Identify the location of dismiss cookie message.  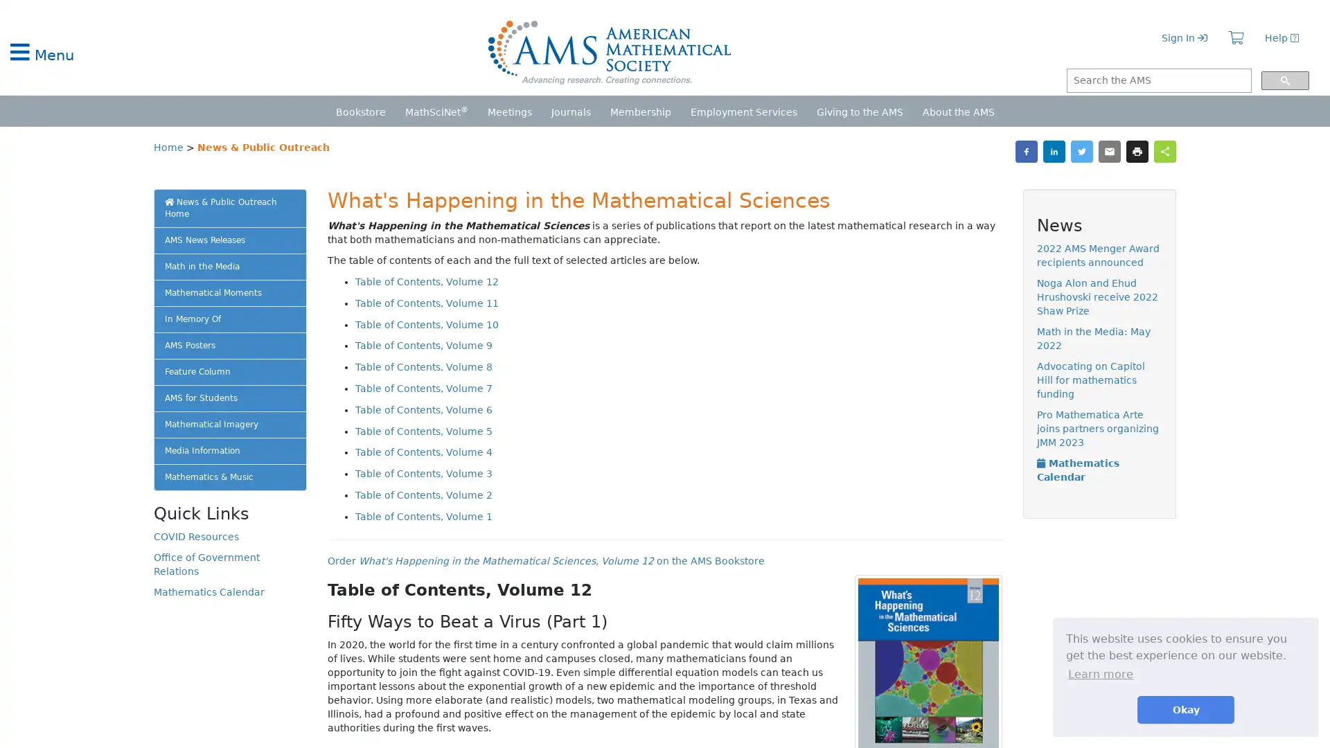
(1185, 709).